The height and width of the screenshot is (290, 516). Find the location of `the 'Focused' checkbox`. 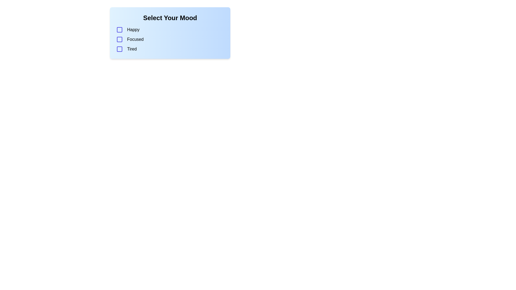

the 'Focused' checkbox is located at coordinates (119, 39).